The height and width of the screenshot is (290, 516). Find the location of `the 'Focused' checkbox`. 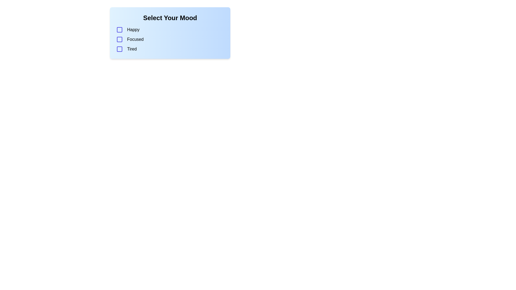

the 'Focused' checkbox is located at coordinates (119, 39).